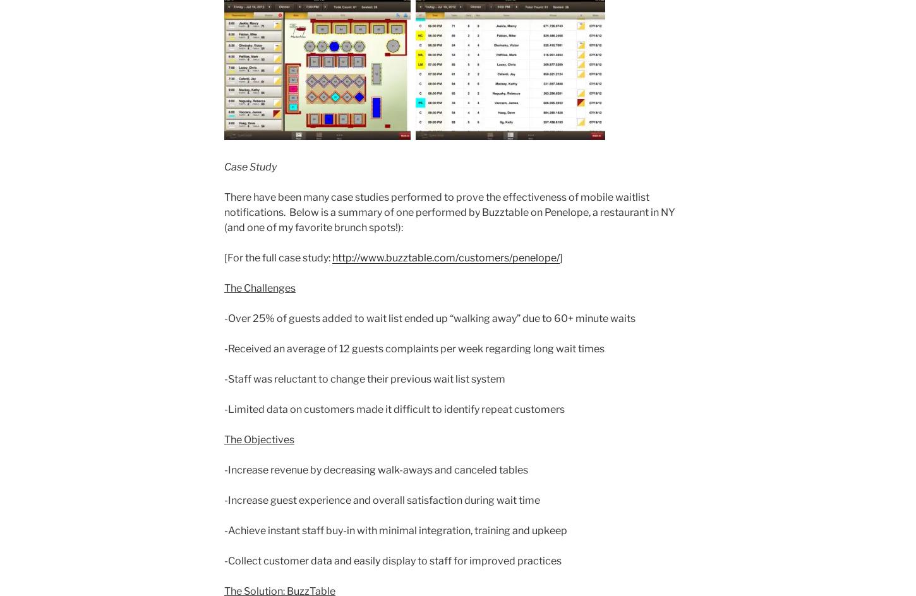  Describe the element at coordinates (250, 167) in the screenshot. I see `'Case Study'` at that location.